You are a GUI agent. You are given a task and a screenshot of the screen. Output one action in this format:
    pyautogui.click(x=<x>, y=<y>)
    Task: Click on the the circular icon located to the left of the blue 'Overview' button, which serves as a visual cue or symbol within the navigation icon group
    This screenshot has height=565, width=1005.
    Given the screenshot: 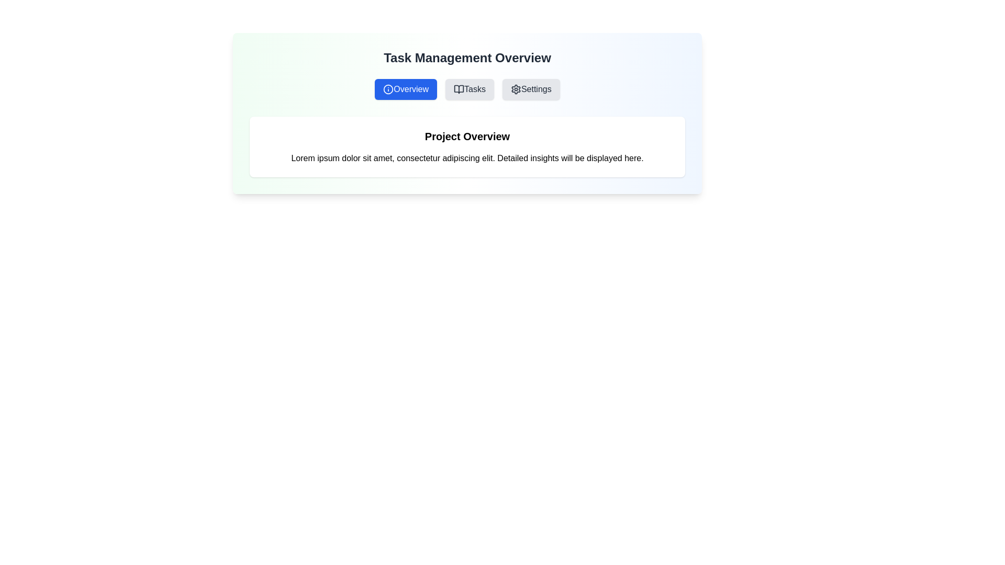 What is the action you would take?
    pyautogui.click(x=388, y=88)
    